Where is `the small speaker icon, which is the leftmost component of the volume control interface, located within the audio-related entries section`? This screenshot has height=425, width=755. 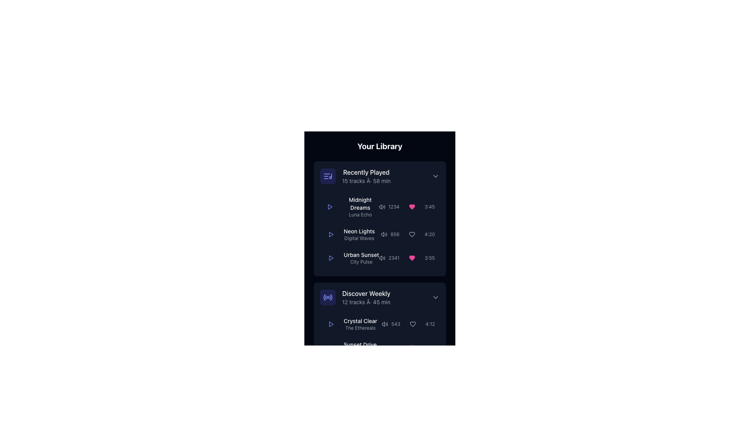
the small speaker icon, which is the leftmost component of the volume control interface, located within the audio-related entries section is located at coordinates (383, 324).